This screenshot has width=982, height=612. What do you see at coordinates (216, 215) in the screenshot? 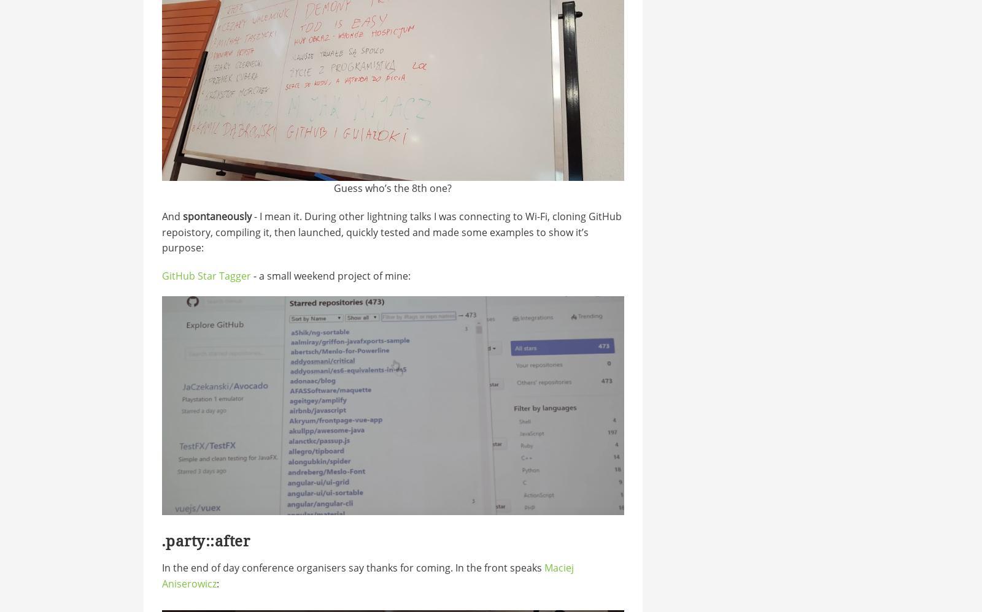
I see `'spontaneously'` at bounding box center [216, 215].